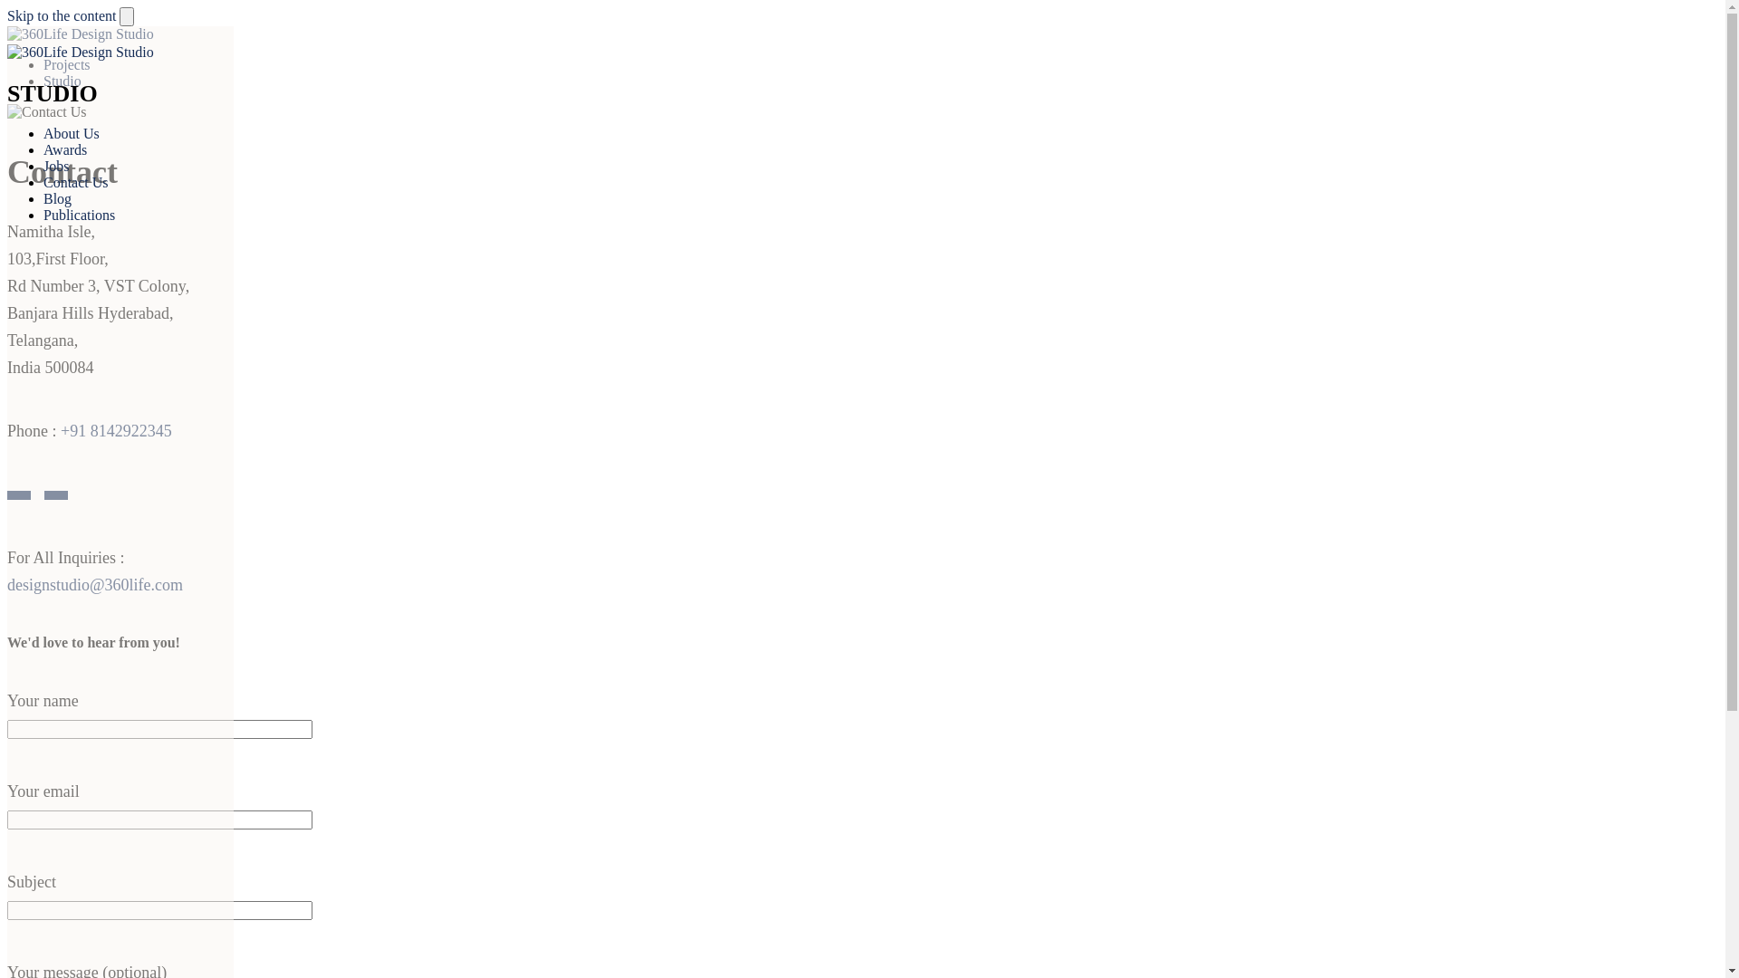 The height and width of the screenshot is (978, 1739). What do you see at coordinates (65, 149) in the screenshot?
I see `'Awards'` at bounding box center [65, 149].